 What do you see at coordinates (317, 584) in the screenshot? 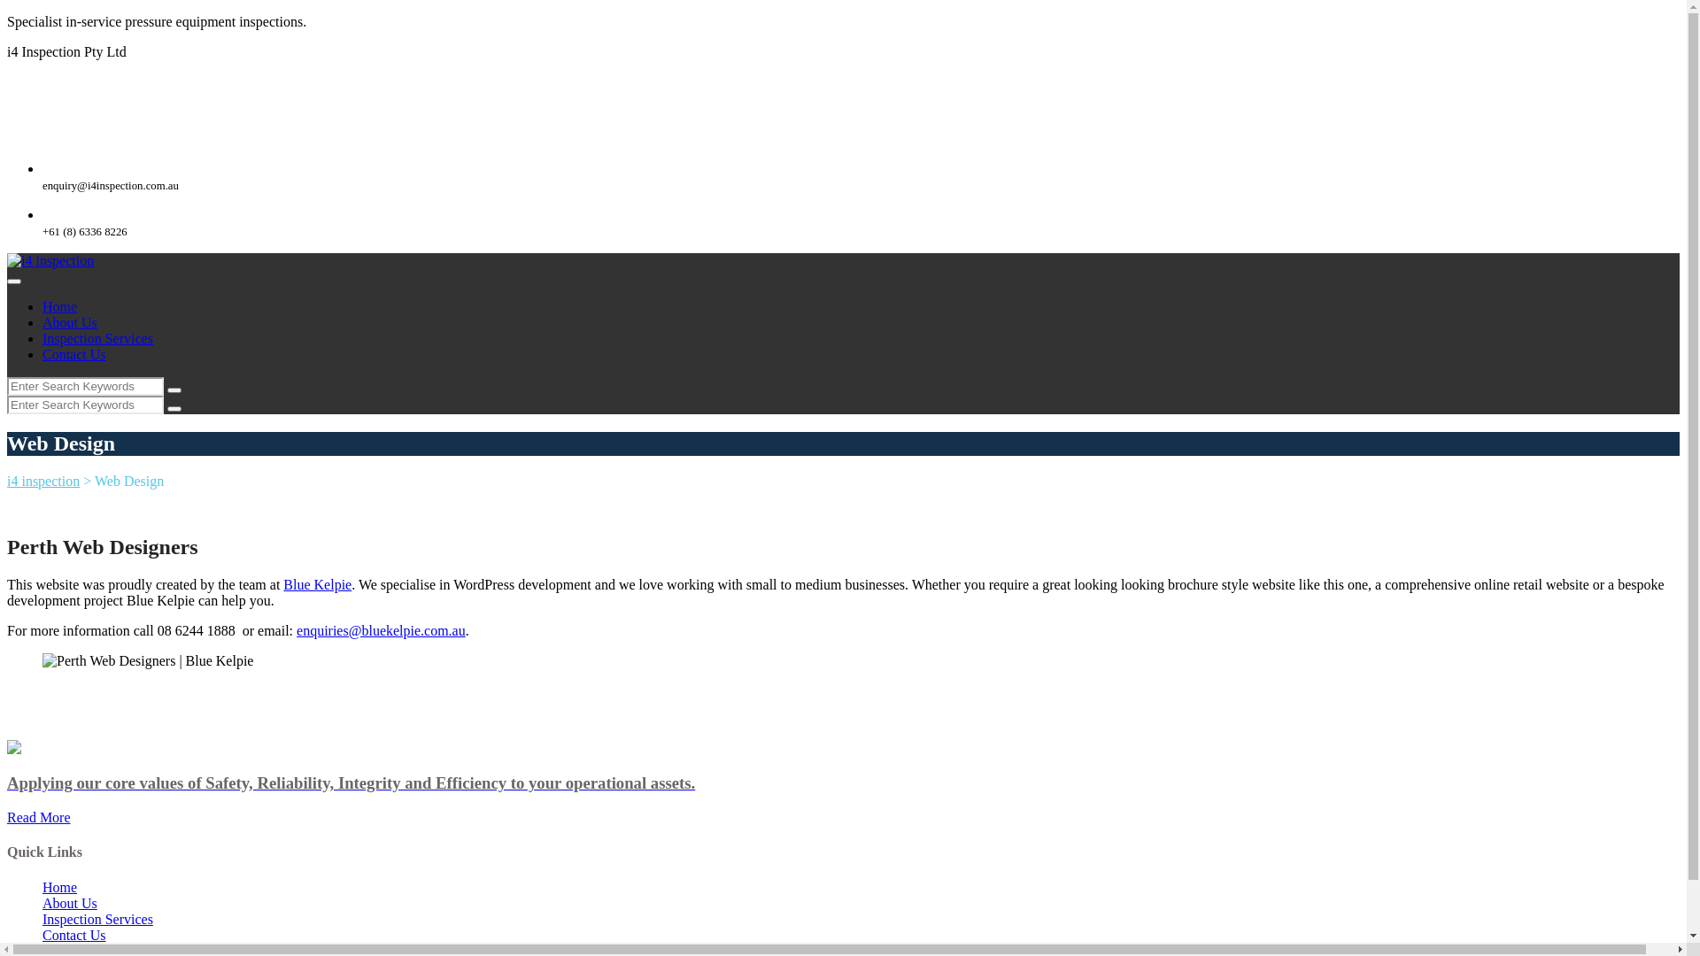
I see `'Blue Kelpie'` at bounding box center [317, 584].